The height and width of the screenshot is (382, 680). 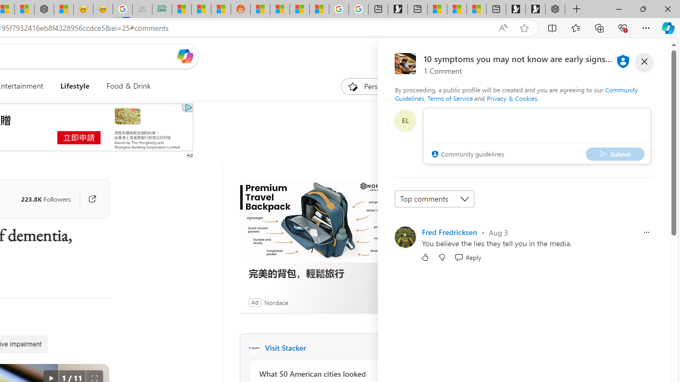 What do you see at coordinates (516, 93) in the screenshot?
I see `'Community Guidelines'` at bounding box center [516, 93].